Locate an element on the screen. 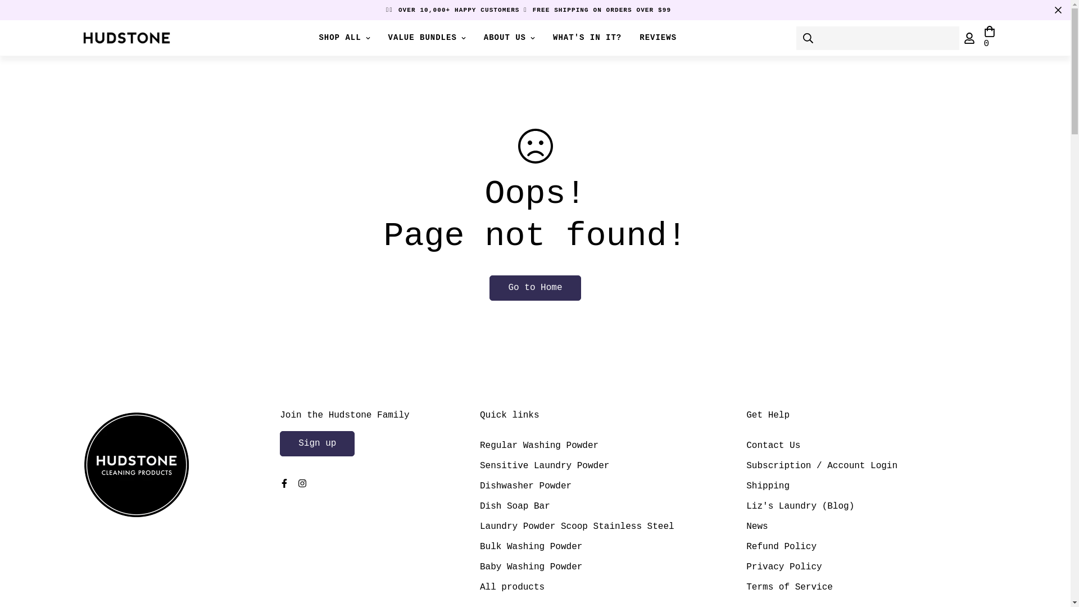  'Bulk Washing Powder' is located at coordinates (531, 546).